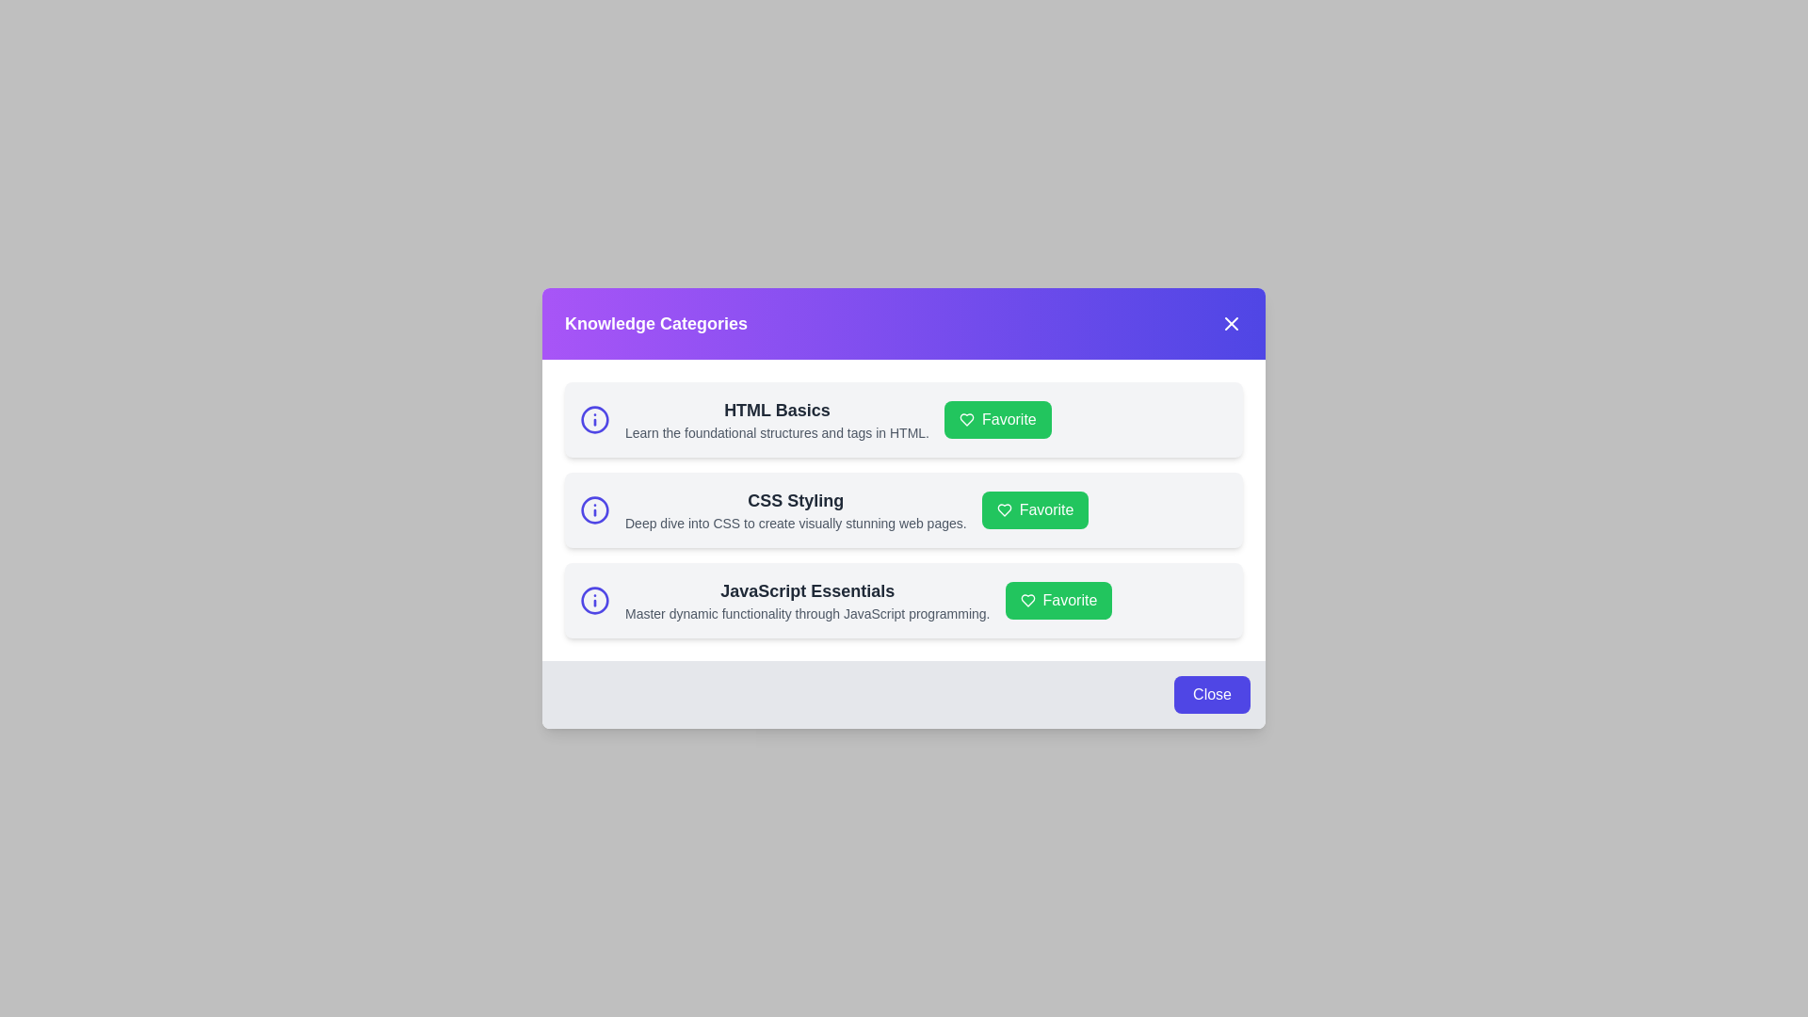  I want to click on the center of the green heart icon located to the left of the 'Favorite' button in the second row of the list of items, so click(1003, 510).